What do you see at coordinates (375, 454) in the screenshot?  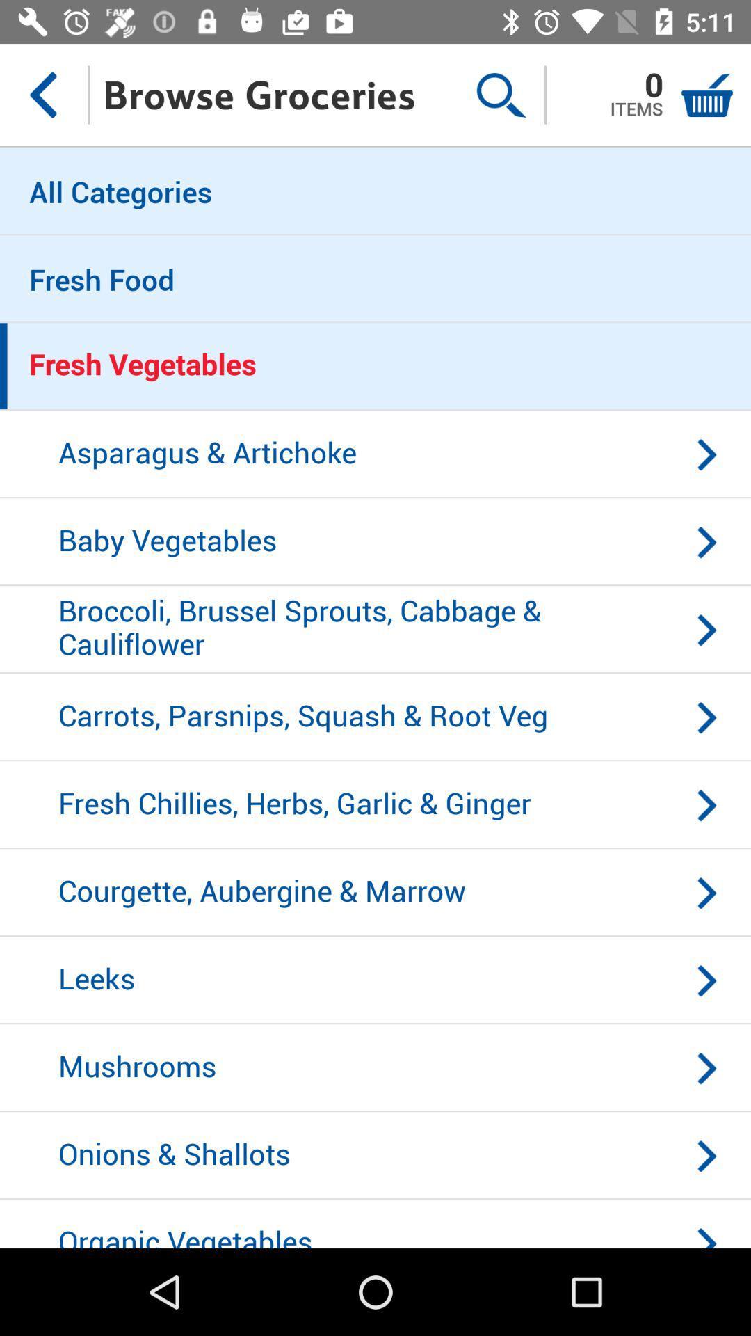 I see `the item above baby vegetables icon` at bounding box center [375, 454].